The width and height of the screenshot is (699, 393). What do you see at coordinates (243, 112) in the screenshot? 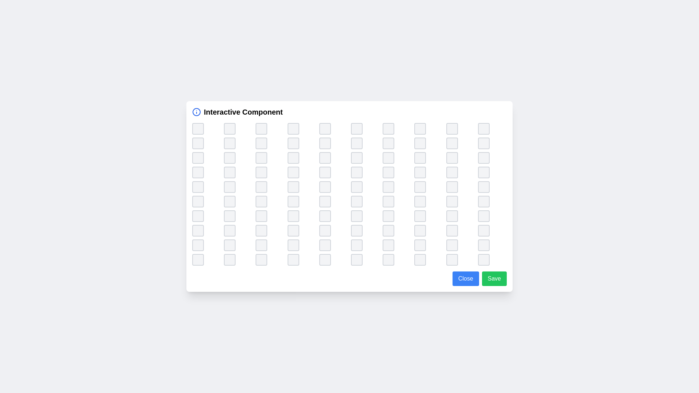
I see `the title text of the component` at bounding box center [243, 112].